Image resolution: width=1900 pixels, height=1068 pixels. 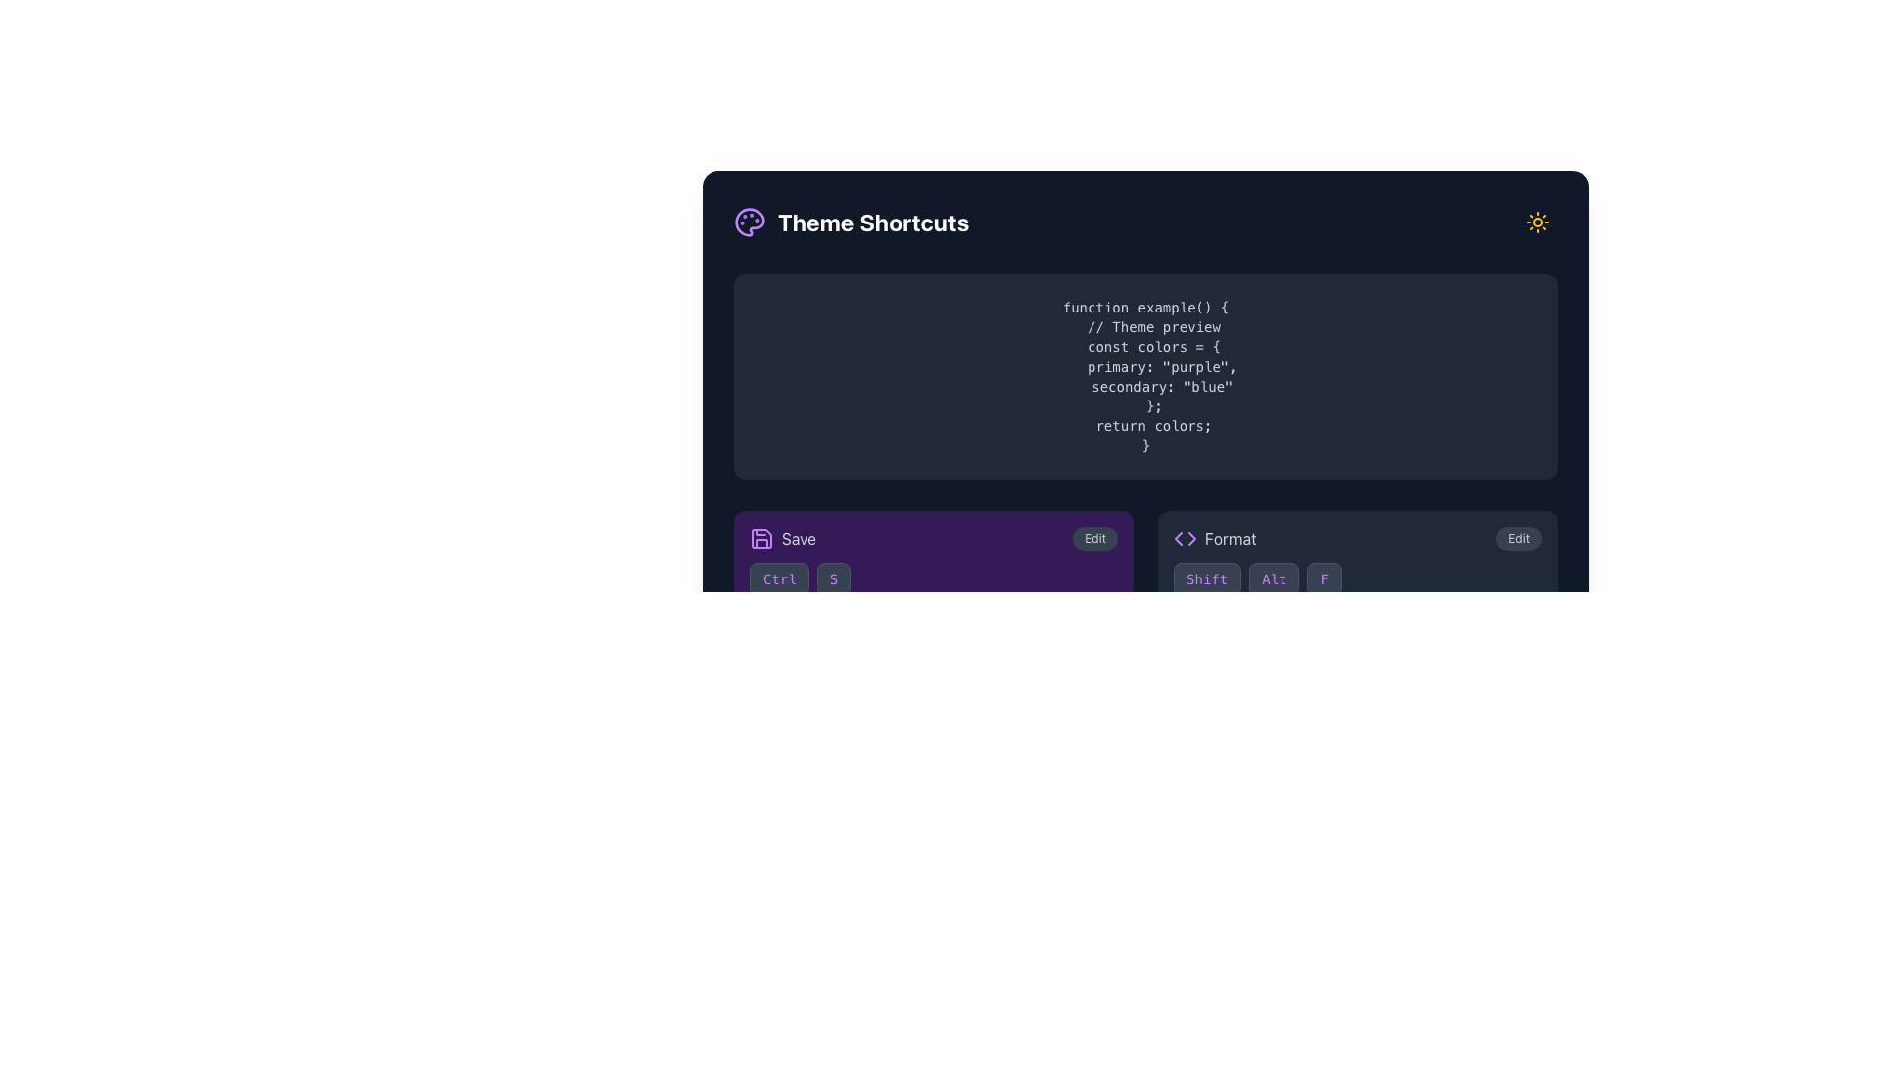 What do you see at coordinates (1324, 578) in the screenshot?
I see `the third button labeled 'F' located at the bottom-right corner of the interface, which is part of a set of three buttons including 'Shift' and 'Alt'` at bounding box center [1324, 578].